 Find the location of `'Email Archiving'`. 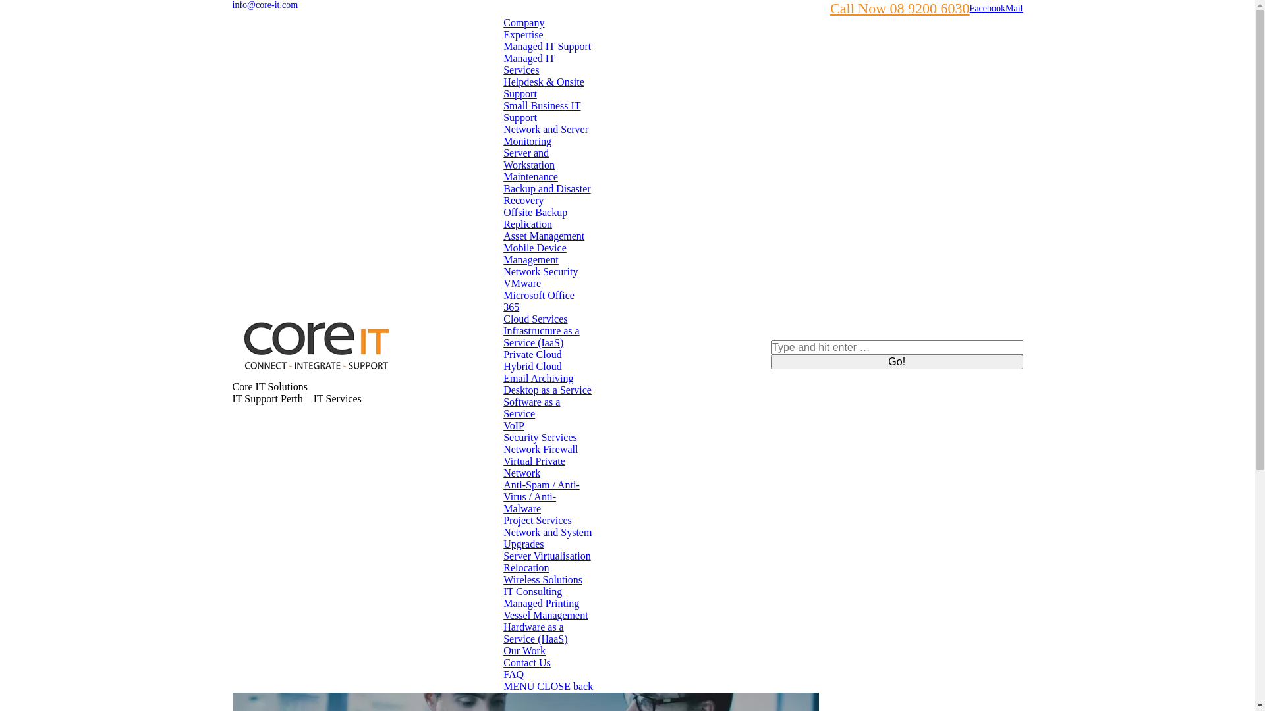

'Email Archiving' is located at coordinates (538, 378).